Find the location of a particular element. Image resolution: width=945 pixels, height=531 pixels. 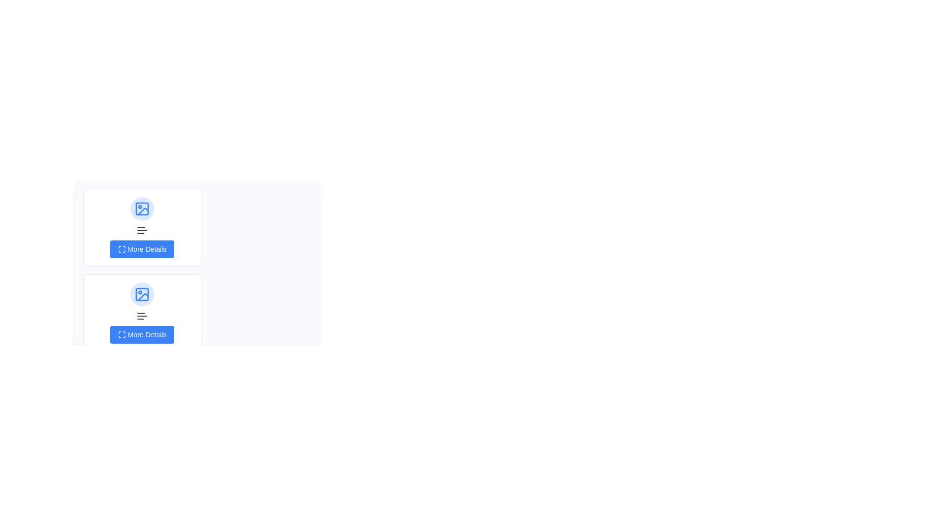

the button at the bottom center of the card for 'Item 1' is located at coordinates (141, 248).